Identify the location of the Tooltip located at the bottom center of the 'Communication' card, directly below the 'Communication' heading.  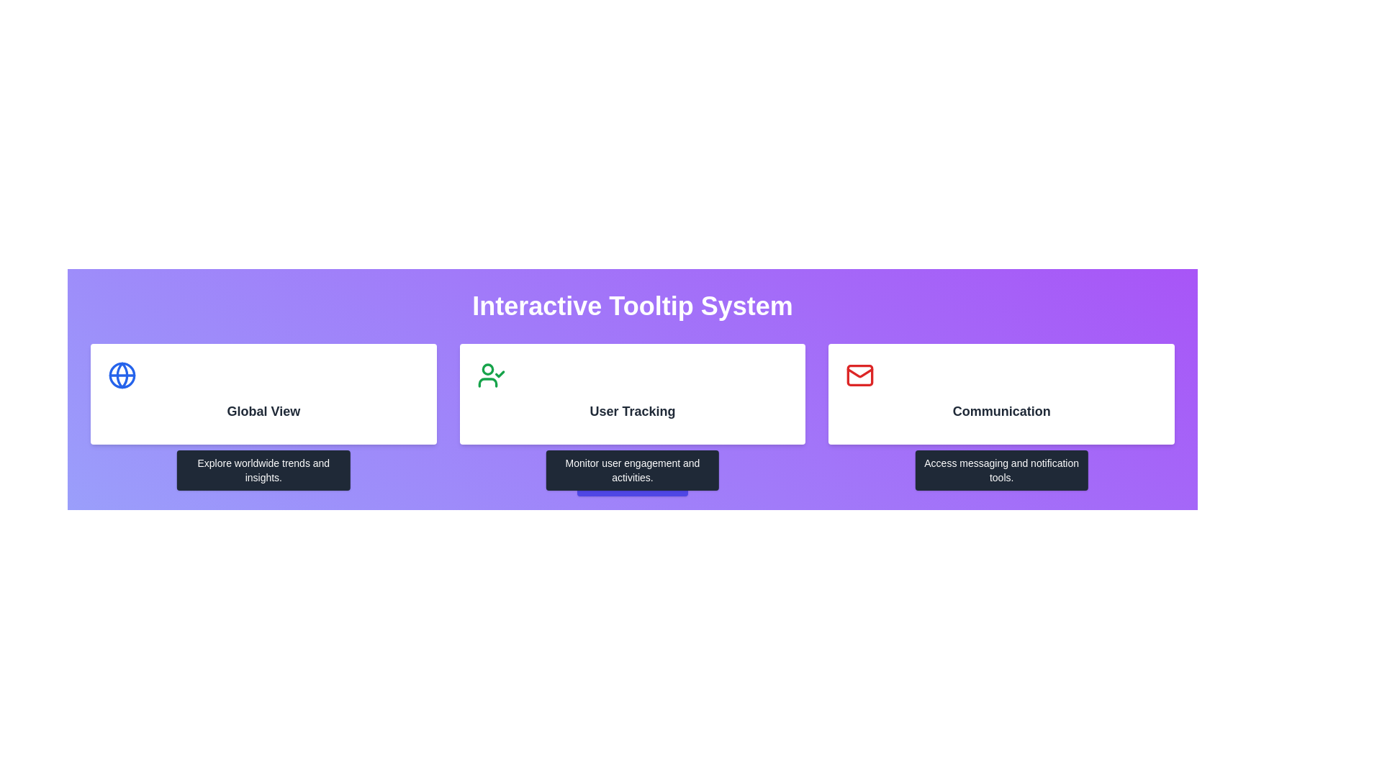
(1001, 471).